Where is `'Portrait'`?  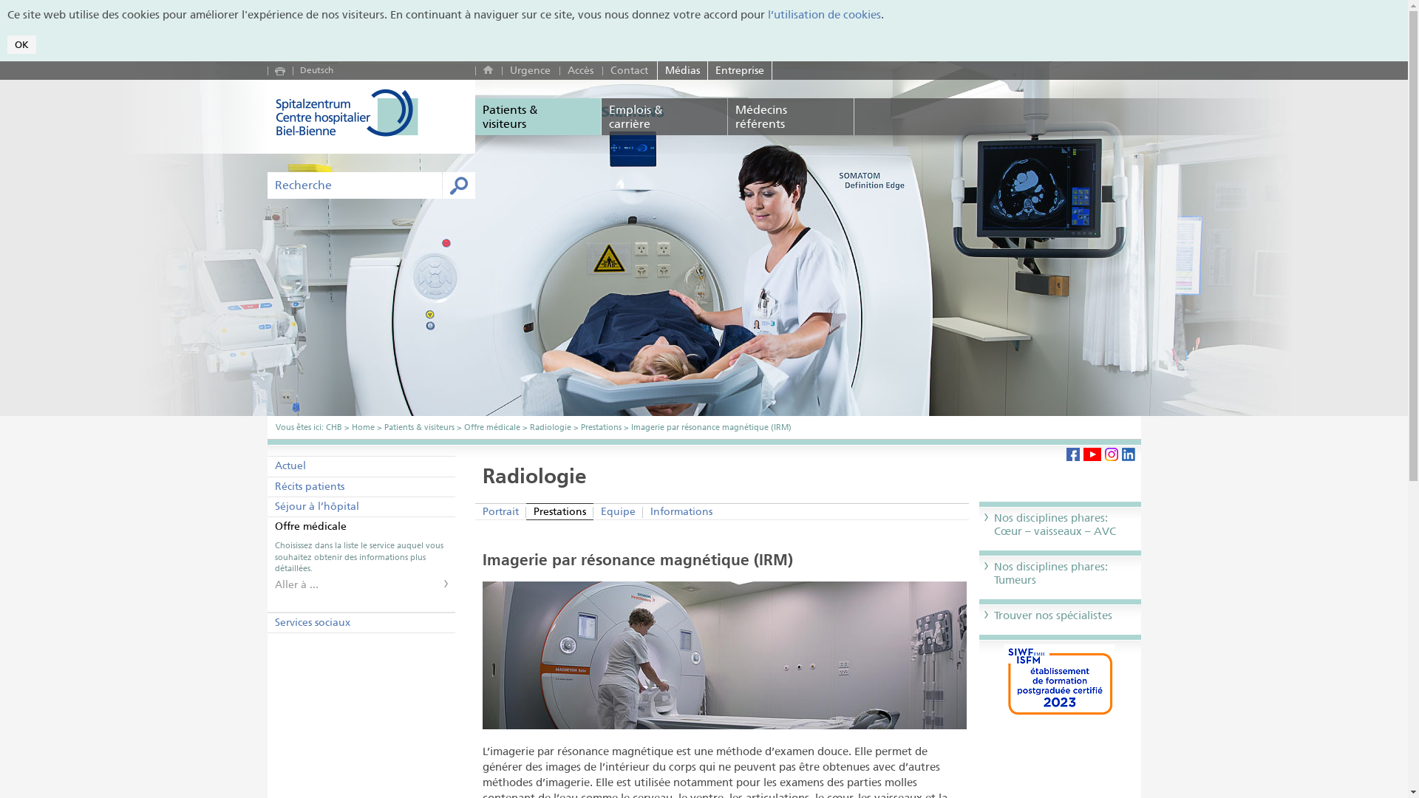 'Portrait' is located at coordinates (475, 511).